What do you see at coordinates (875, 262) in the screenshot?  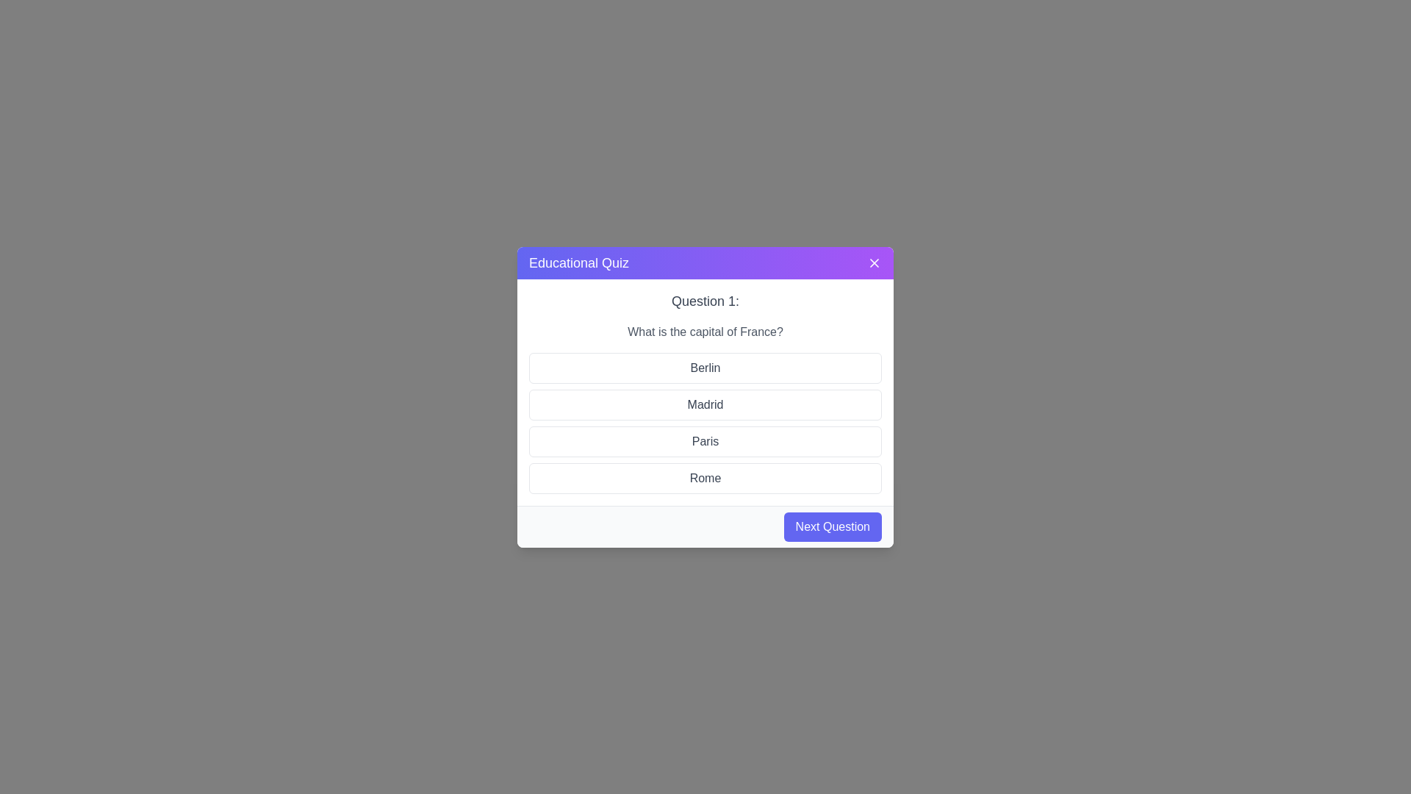 I see `the 'Close' button with a bold 'X' symbol located at the top-right corner of the 'Educational Quiz' dialog box` at bounding box center [875, 262].